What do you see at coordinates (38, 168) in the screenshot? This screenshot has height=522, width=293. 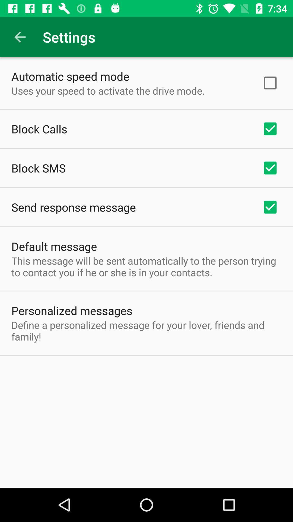 I see `item below block calls app` at bounding box center [38, 168].